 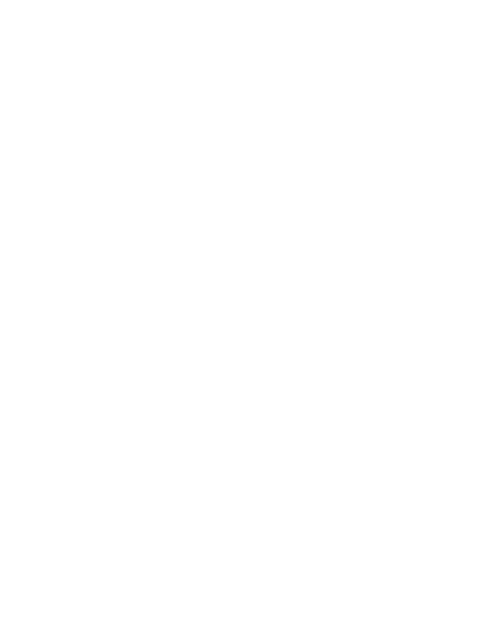 I want to click on 'Published: 09/26/2023', so click(x=239, y=501).